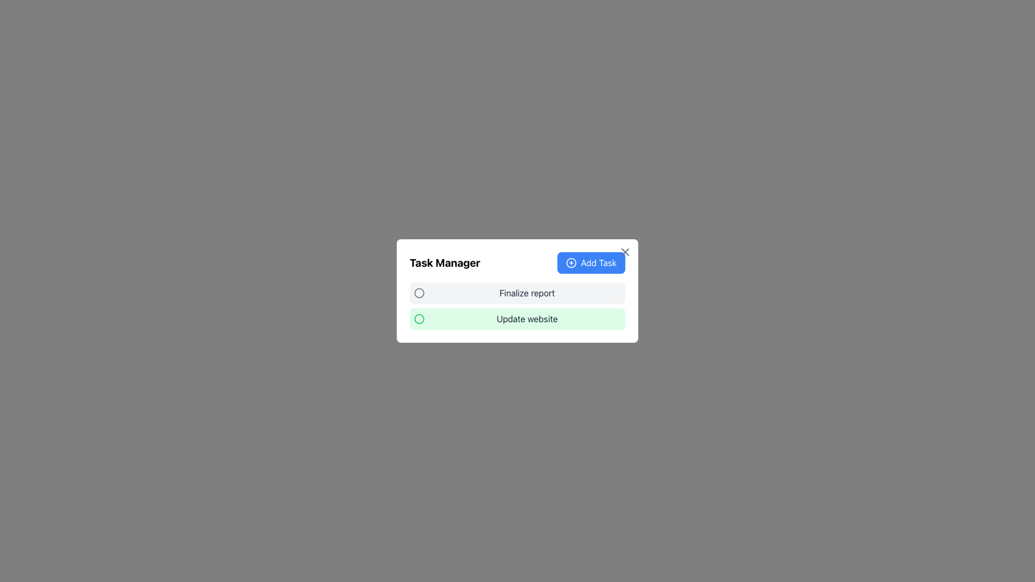 The height and width of the screenshot is (582, 1035). Describe the element at coordinates (418, 318) in the screenshot. I see `the interactive icon representing the completion status of the task 'Update website'` at that location.